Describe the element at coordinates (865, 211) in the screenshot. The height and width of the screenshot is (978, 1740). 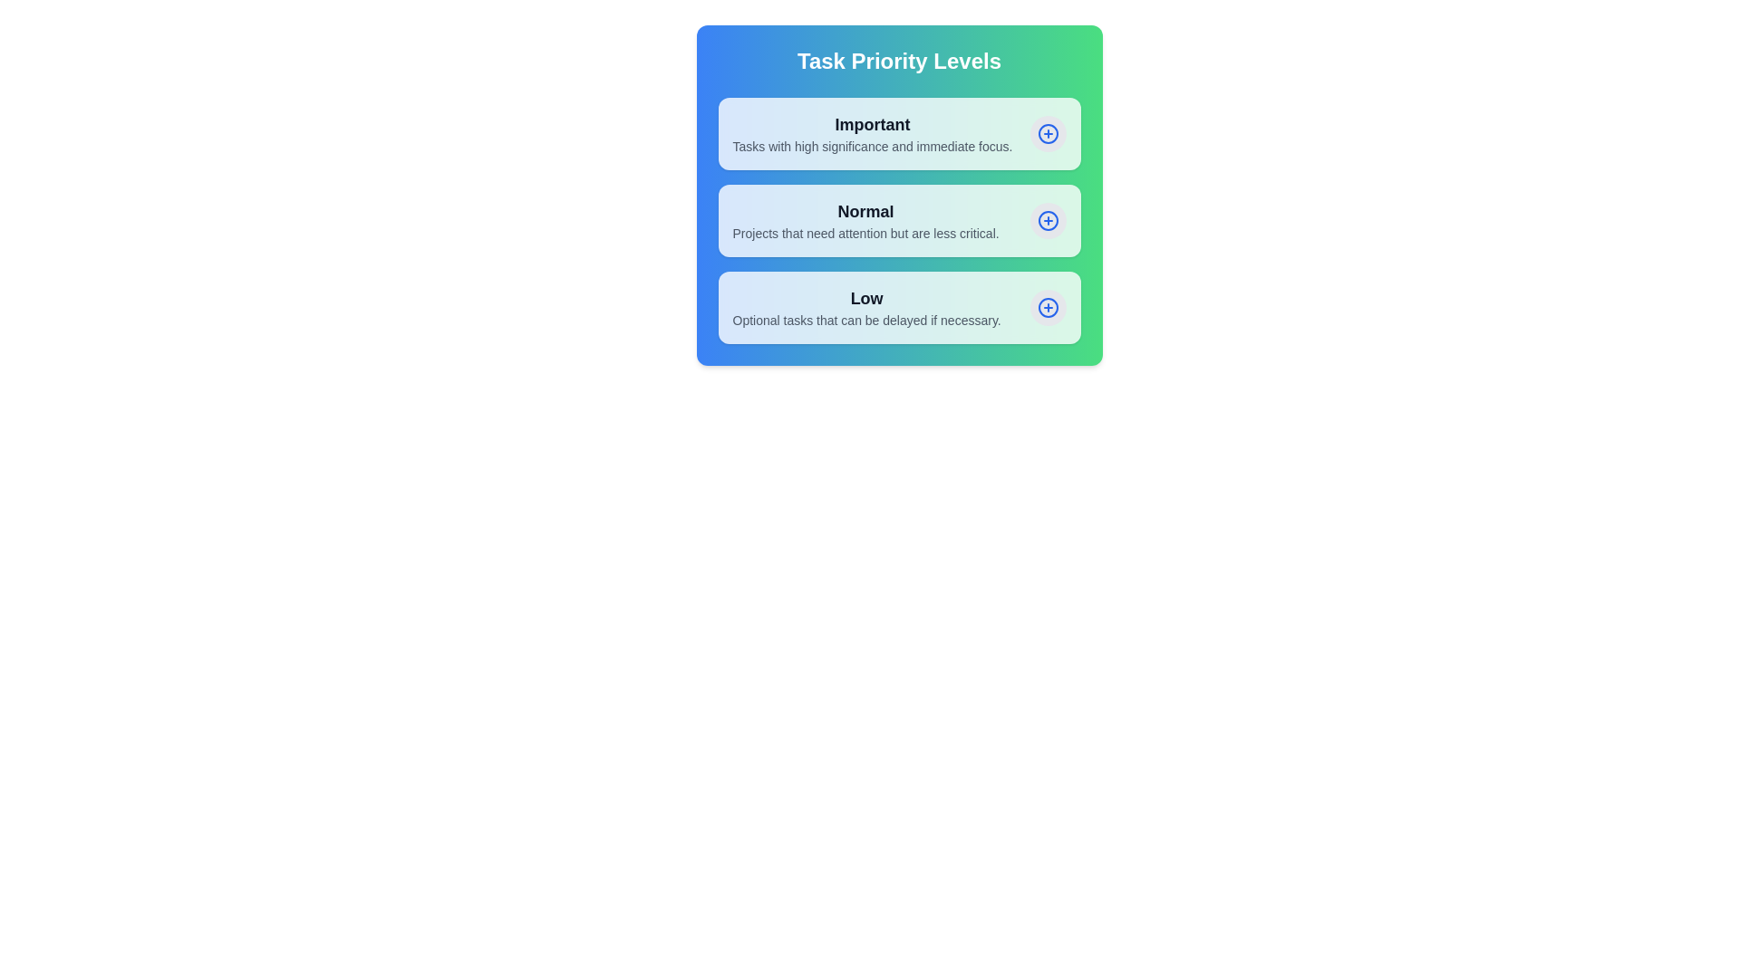
I see `text label that serves as the heading for the 'Normal' category of task priorities, positioned between the 'Important' and 'Low' sections` at that location.